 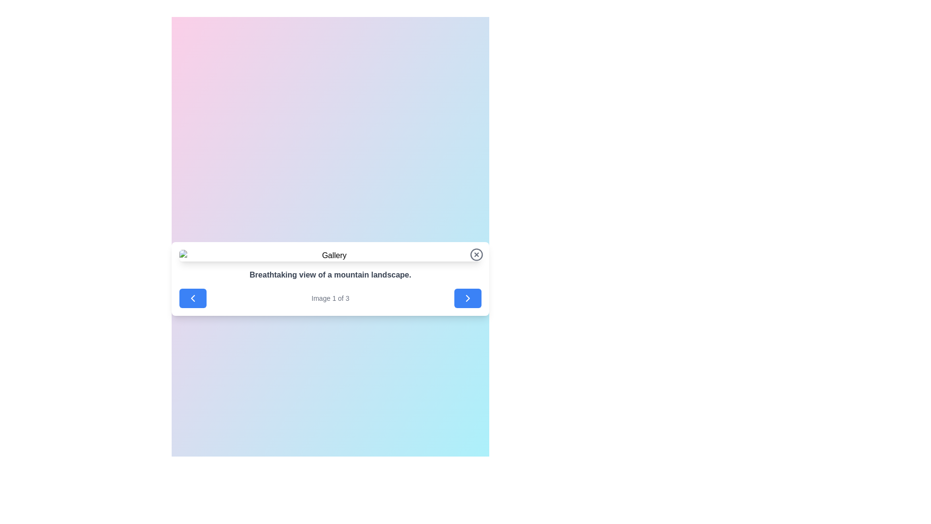 I want to click on the leftmost button that allows navigation to the previous image in a series, so click(x=193, y=297).